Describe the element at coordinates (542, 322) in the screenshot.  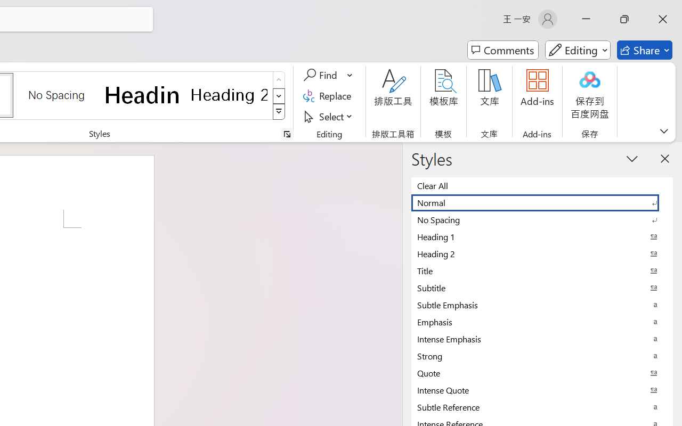
I see `'Emphasis'` at that location.